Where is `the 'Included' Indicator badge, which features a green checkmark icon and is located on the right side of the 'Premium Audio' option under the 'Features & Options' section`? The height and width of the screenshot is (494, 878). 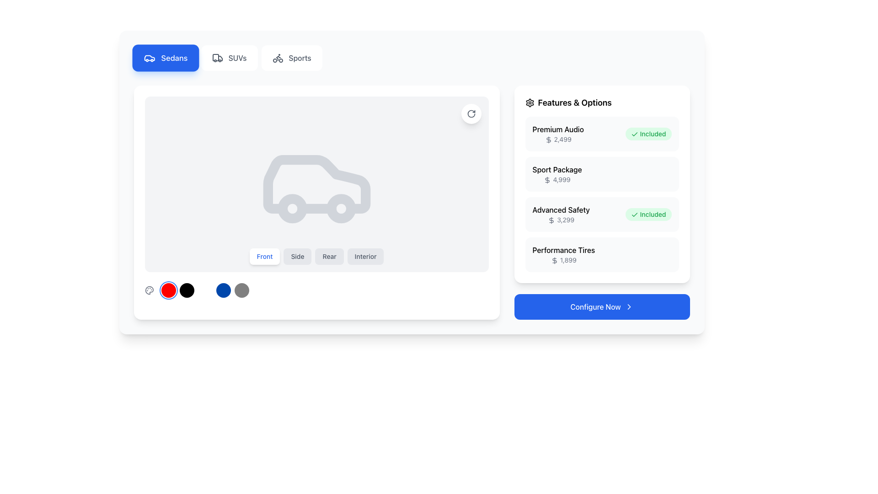
the 'Included' Indicator badge, which features a green checkmark icon and is located on the right side of the 'Premium Audio' option under the 'Features & Options' section is located at coordinates (648, 134).